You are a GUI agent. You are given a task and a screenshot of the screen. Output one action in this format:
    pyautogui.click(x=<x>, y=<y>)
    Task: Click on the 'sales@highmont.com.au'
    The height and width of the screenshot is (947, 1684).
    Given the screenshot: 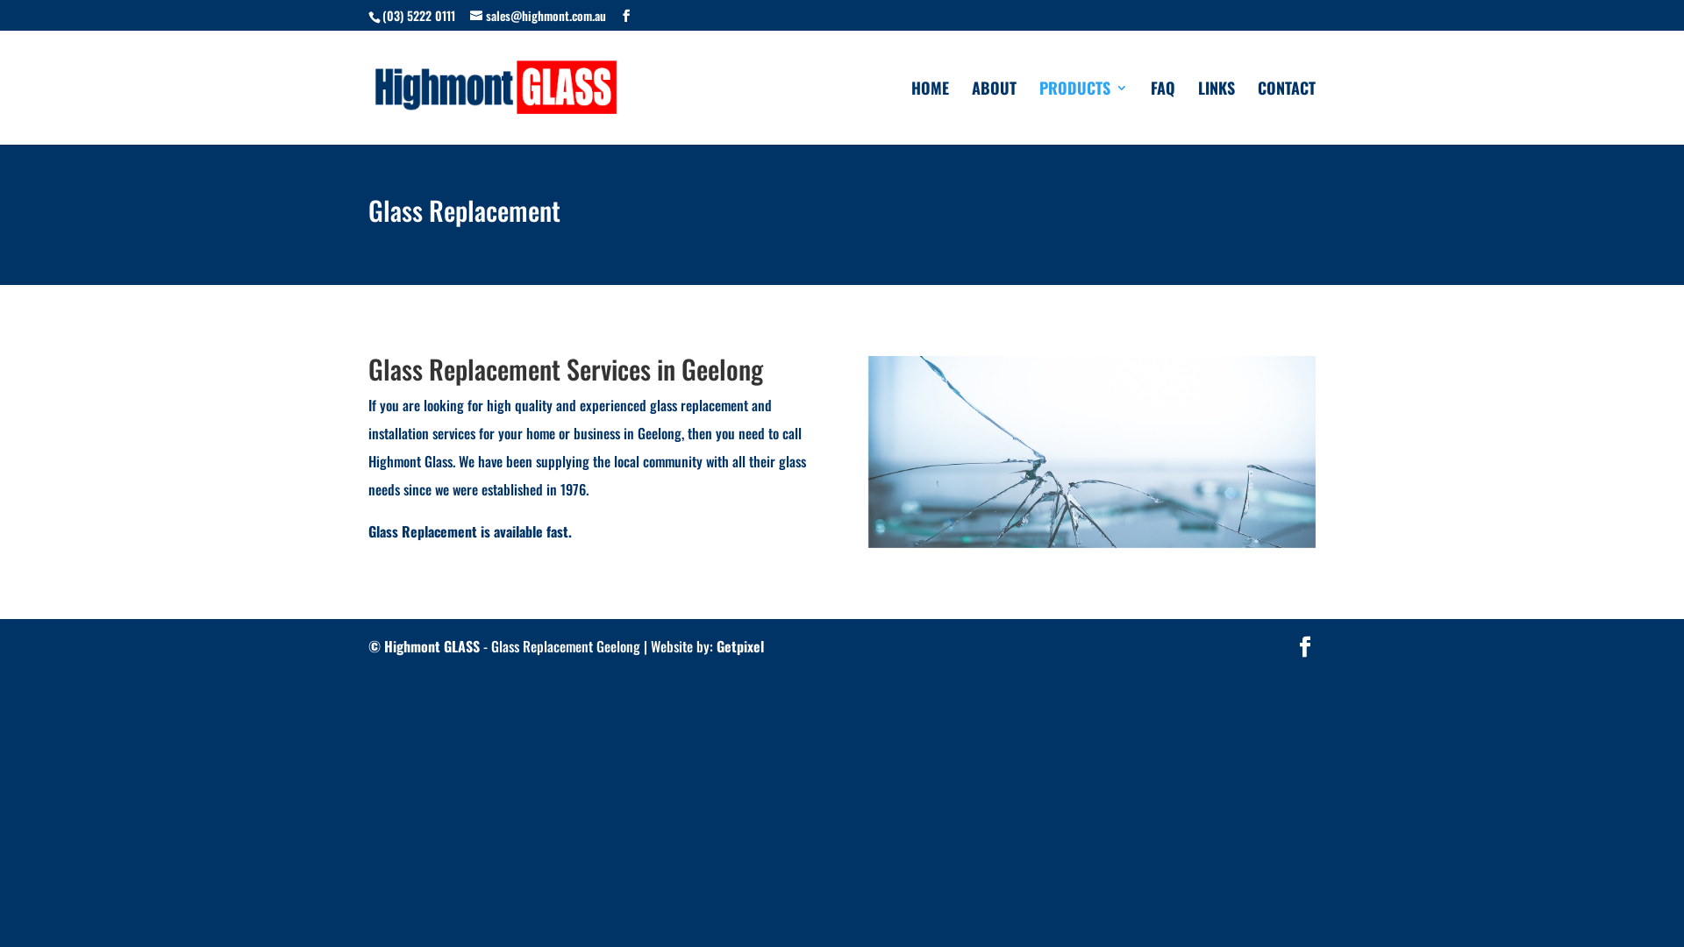 What is the action you would take?
    pyautogui.click(x=537, y=14)
    